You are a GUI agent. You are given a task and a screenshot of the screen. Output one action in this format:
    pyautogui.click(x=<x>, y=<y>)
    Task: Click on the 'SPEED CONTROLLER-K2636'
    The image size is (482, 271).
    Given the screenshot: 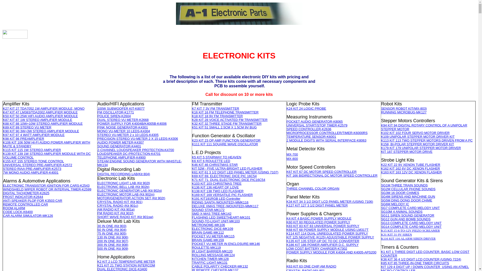 What is the action you would take?
    pyautogui.click(x=308, y=129)
    